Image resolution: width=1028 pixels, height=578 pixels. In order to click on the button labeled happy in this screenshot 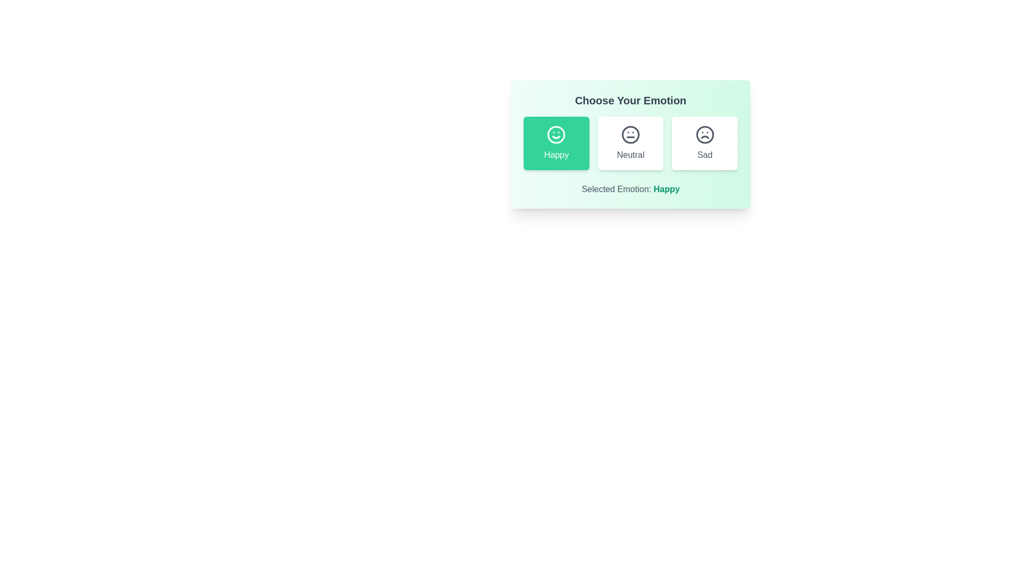, I will do `click(556, 142)`.